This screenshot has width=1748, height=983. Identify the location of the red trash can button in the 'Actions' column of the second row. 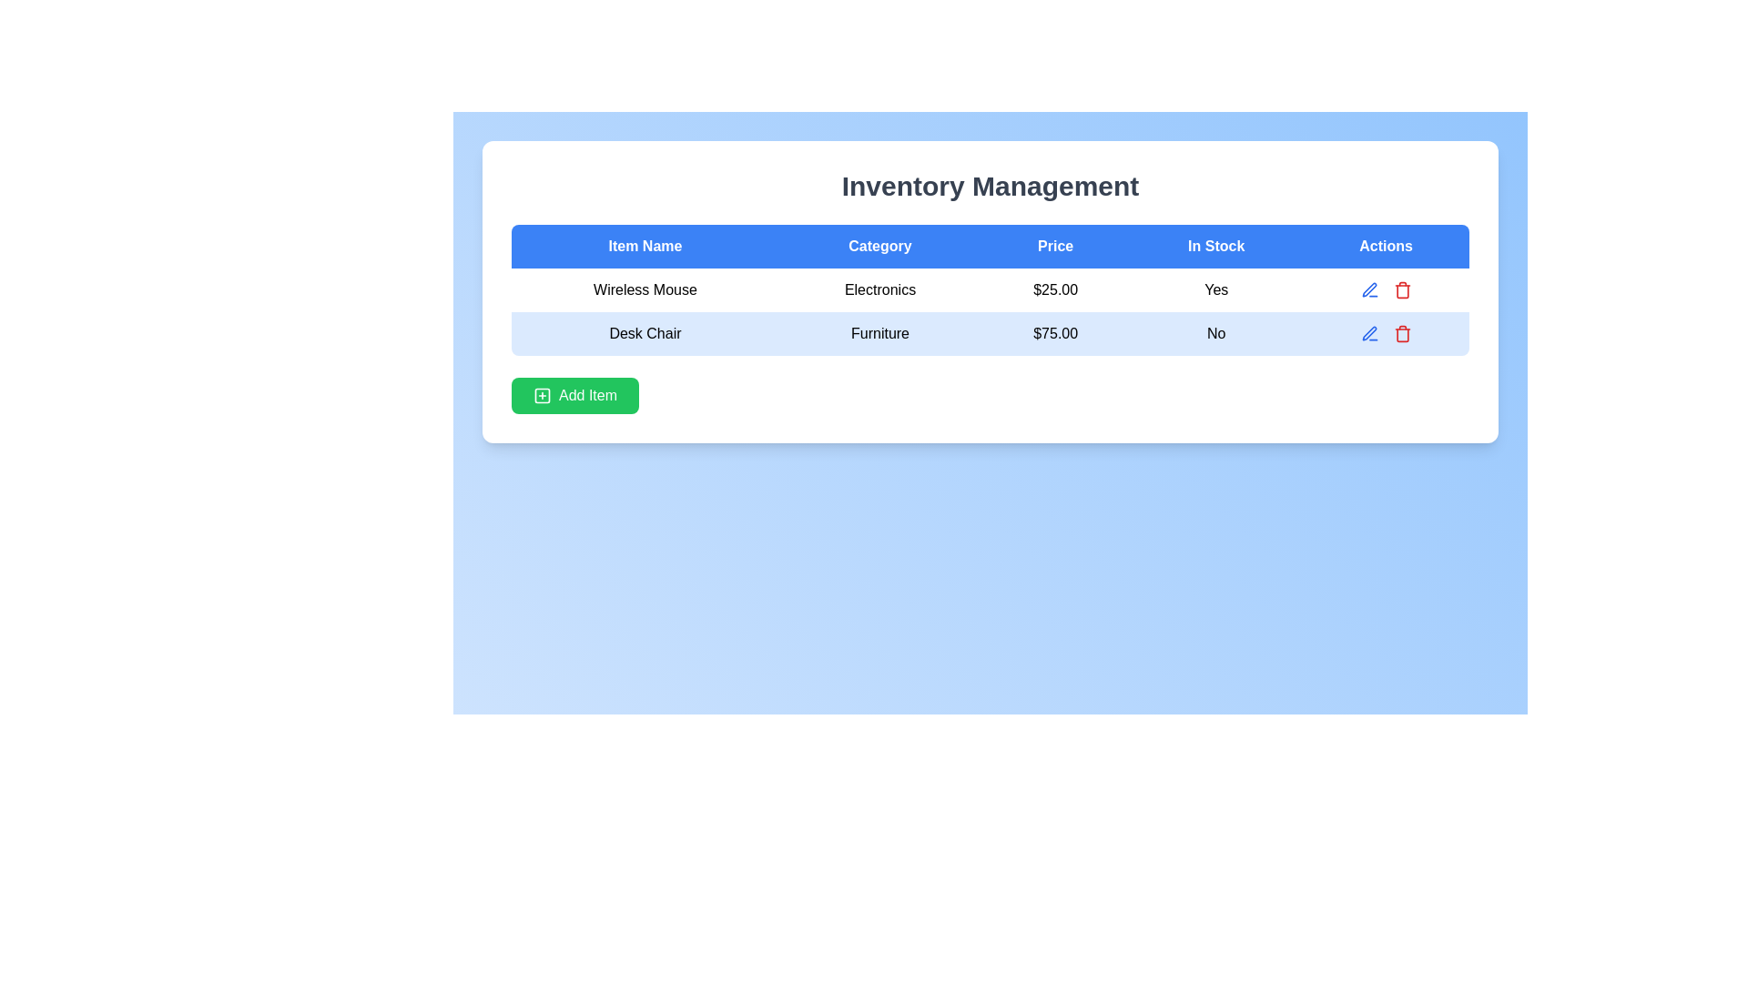
(1401, 333).